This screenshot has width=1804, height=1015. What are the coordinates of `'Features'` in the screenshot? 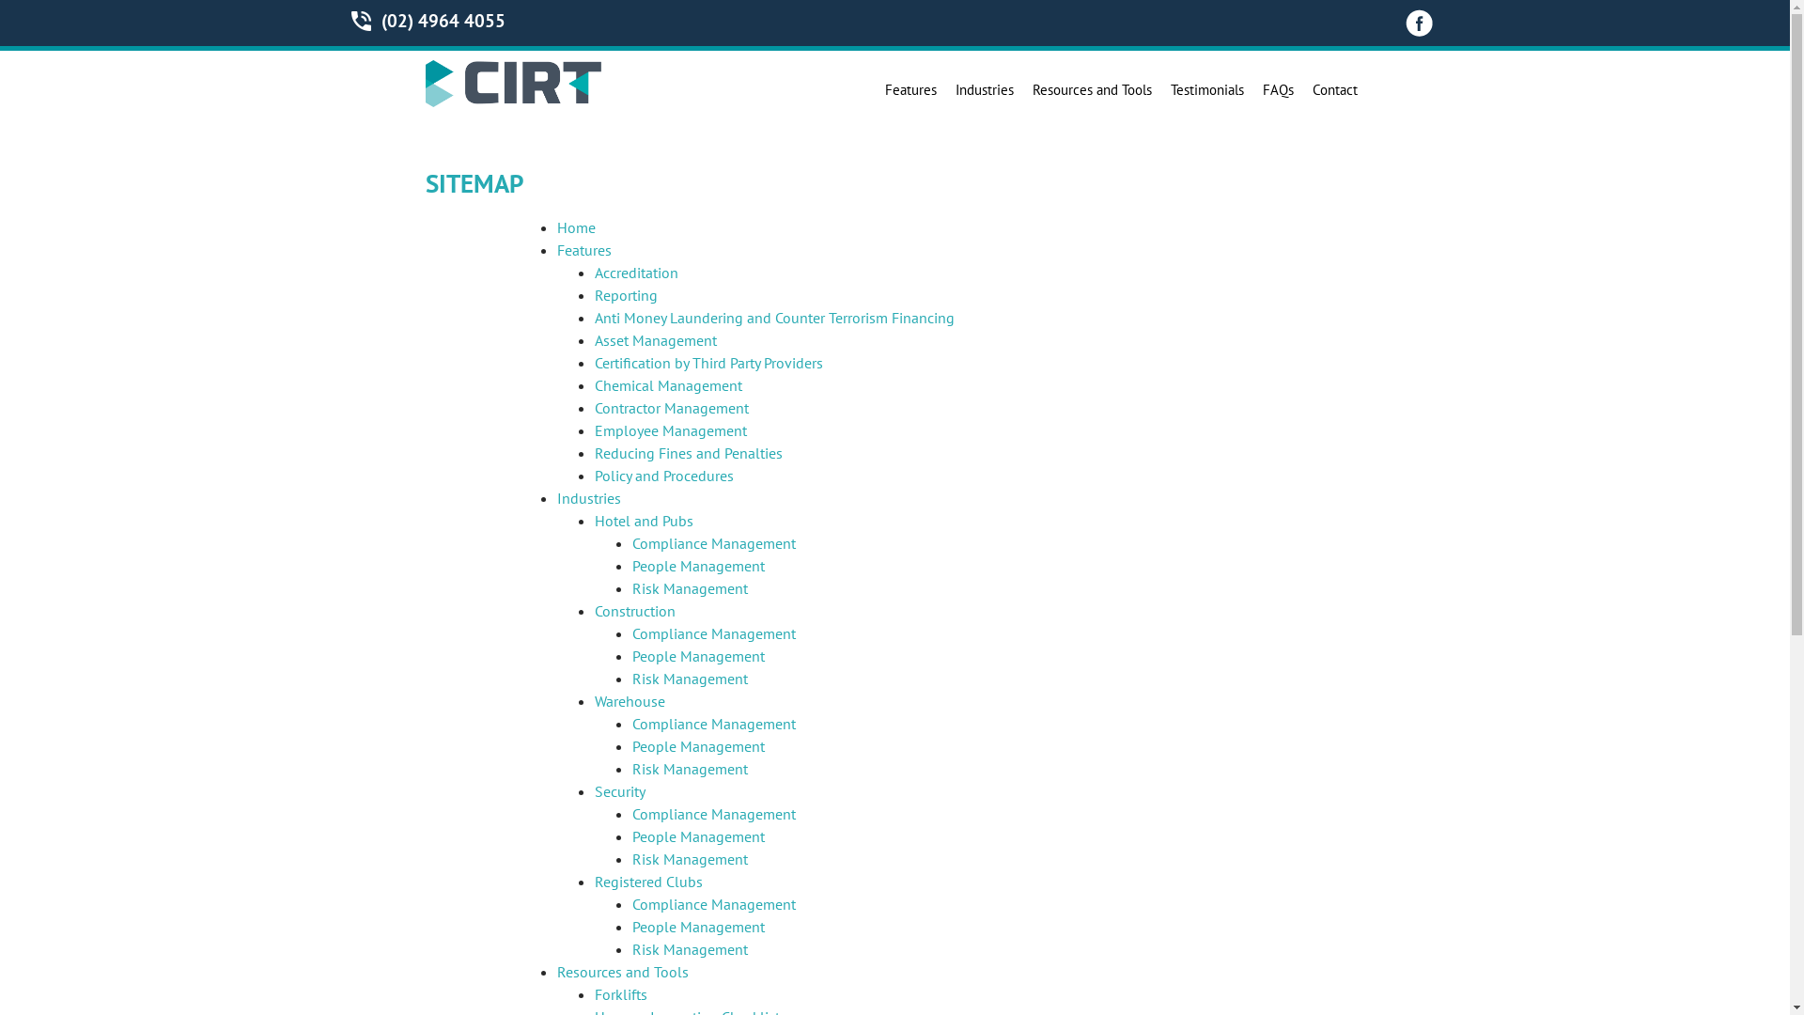 It's located at (582, 249).